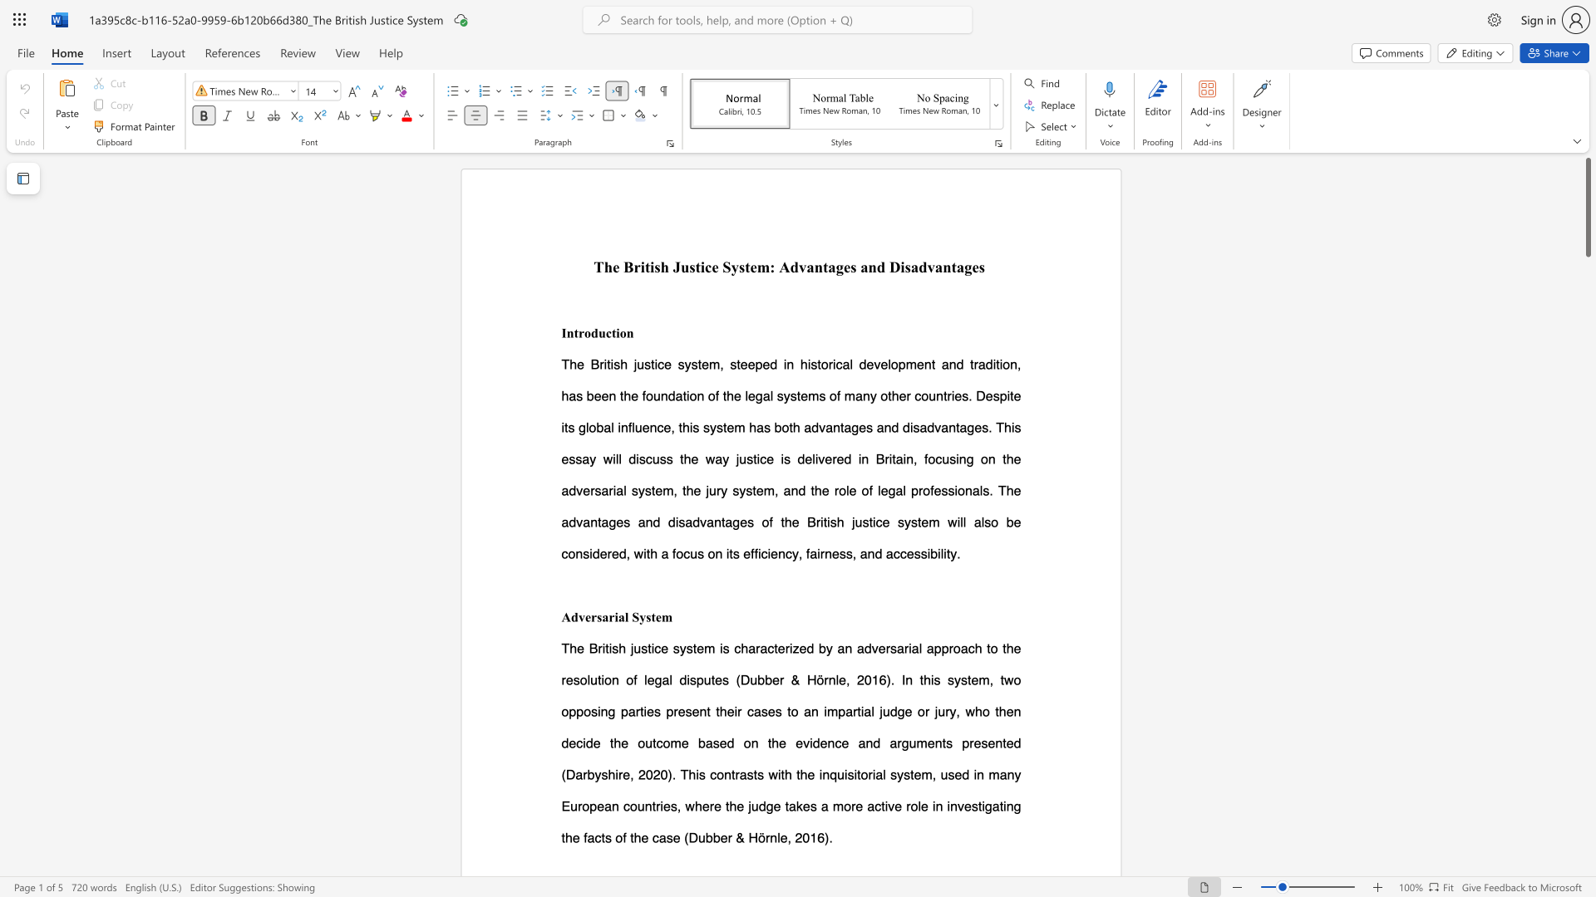 The image size is (1596, 897). I want to click on the scrollbar to move the content lower, so click(1587, 281).